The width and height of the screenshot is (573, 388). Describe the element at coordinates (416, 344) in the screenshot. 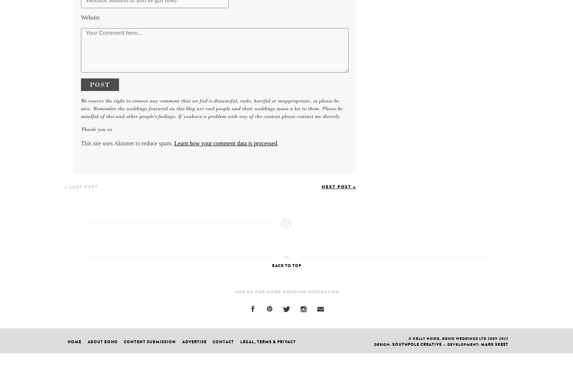

I see `'Southpole Creative'` at that location.